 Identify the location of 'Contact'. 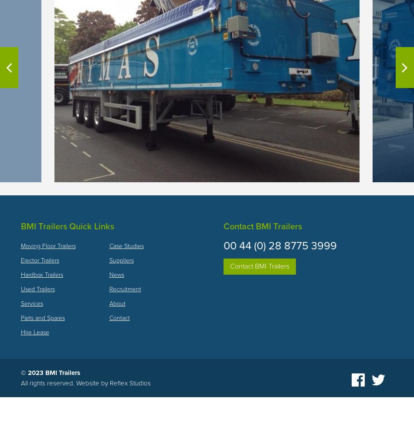
(119, 317).